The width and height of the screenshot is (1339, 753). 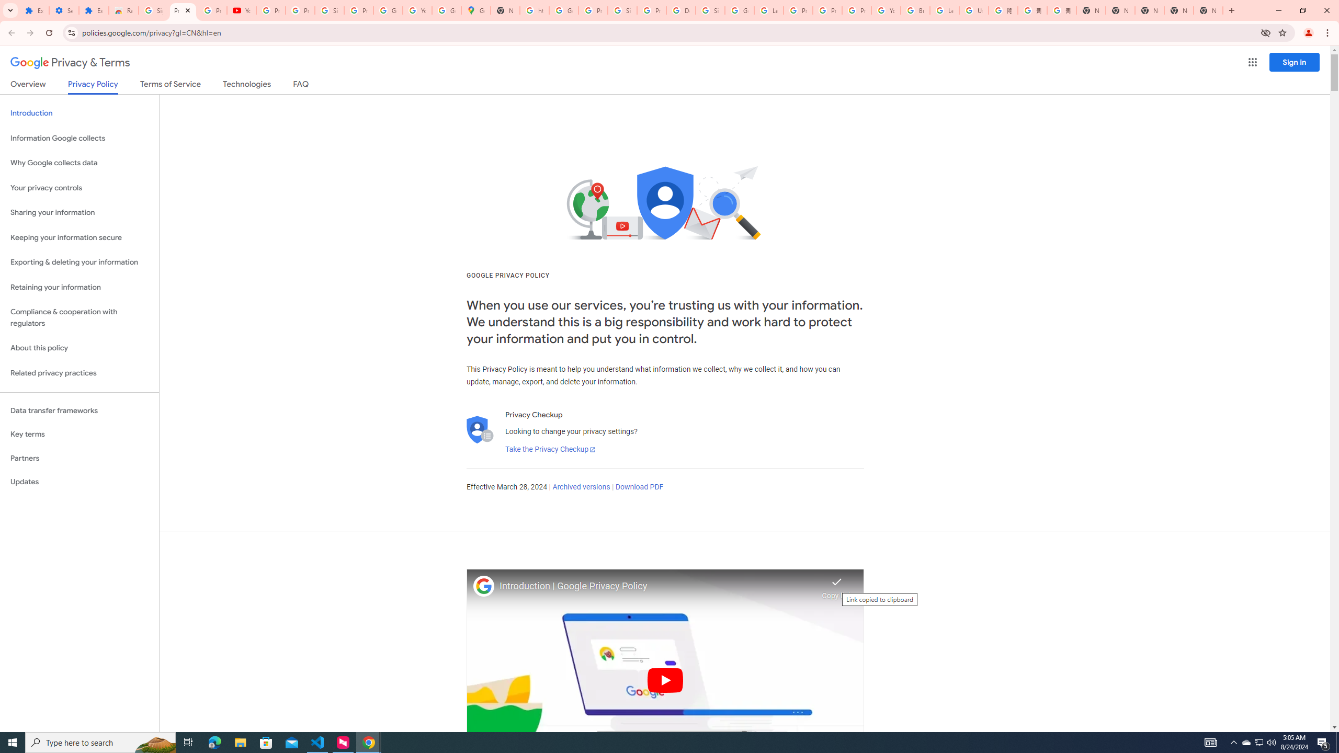 What do you see at coordinates (1208, 10) in the screenshot?
I see `'New Tab'` at bounding box center [1208, 10].